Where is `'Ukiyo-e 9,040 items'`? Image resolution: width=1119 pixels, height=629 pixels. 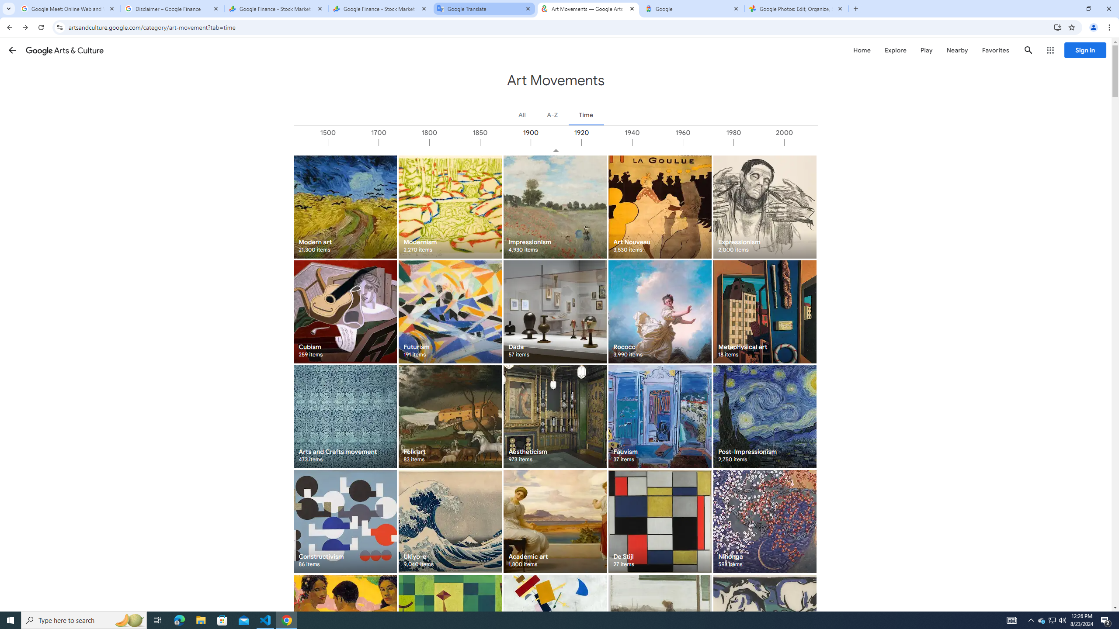 'Ukiyo-e 9,040 items' is located at coordinates (449, 521).